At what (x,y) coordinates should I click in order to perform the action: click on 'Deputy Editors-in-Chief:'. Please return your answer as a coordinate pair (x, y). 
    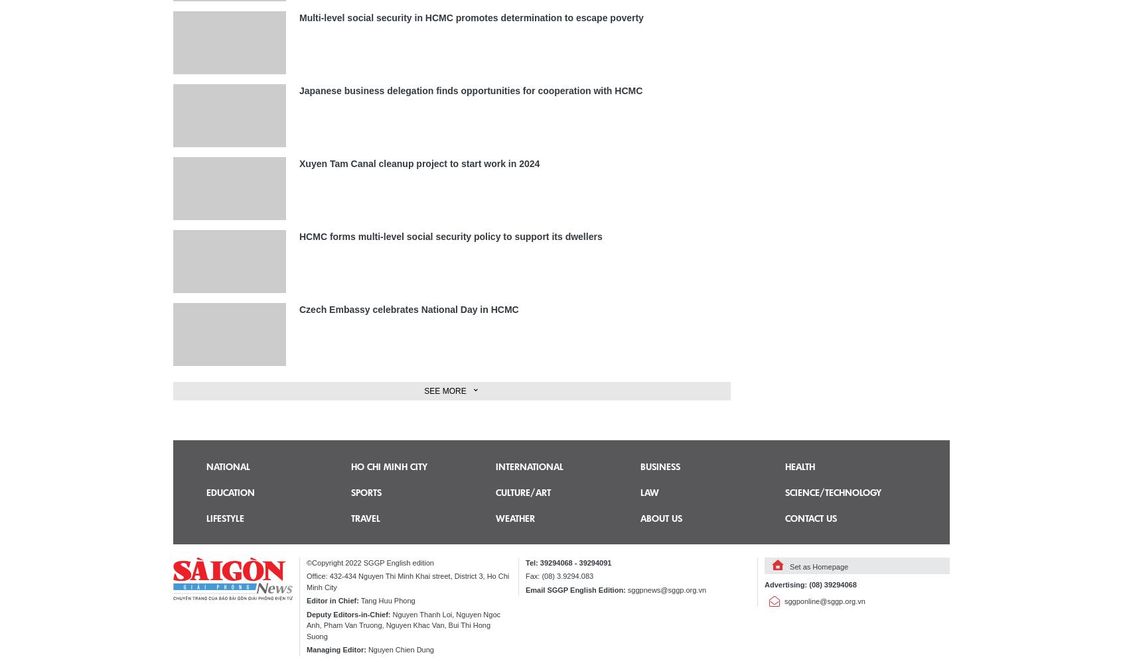
    Looking at the image, I should click on (348, 613).